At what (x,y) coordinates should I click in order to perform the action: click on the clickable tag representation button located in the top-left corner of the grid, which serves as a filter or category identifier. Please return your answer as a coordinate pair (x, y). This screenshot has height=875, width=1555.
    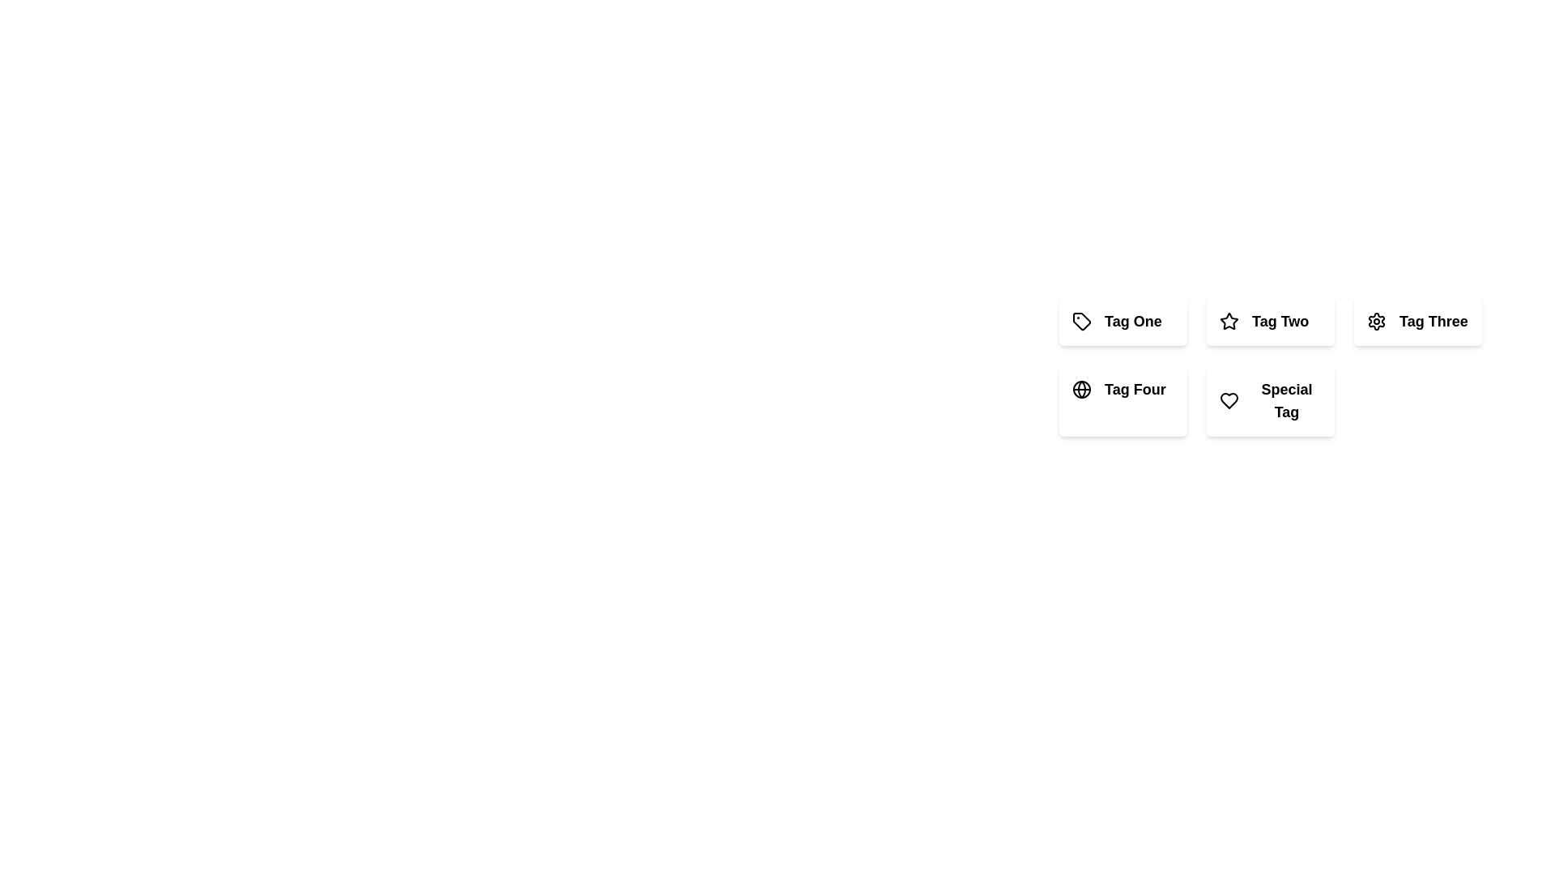
    Looking at the image, I should click on (1123, 322).